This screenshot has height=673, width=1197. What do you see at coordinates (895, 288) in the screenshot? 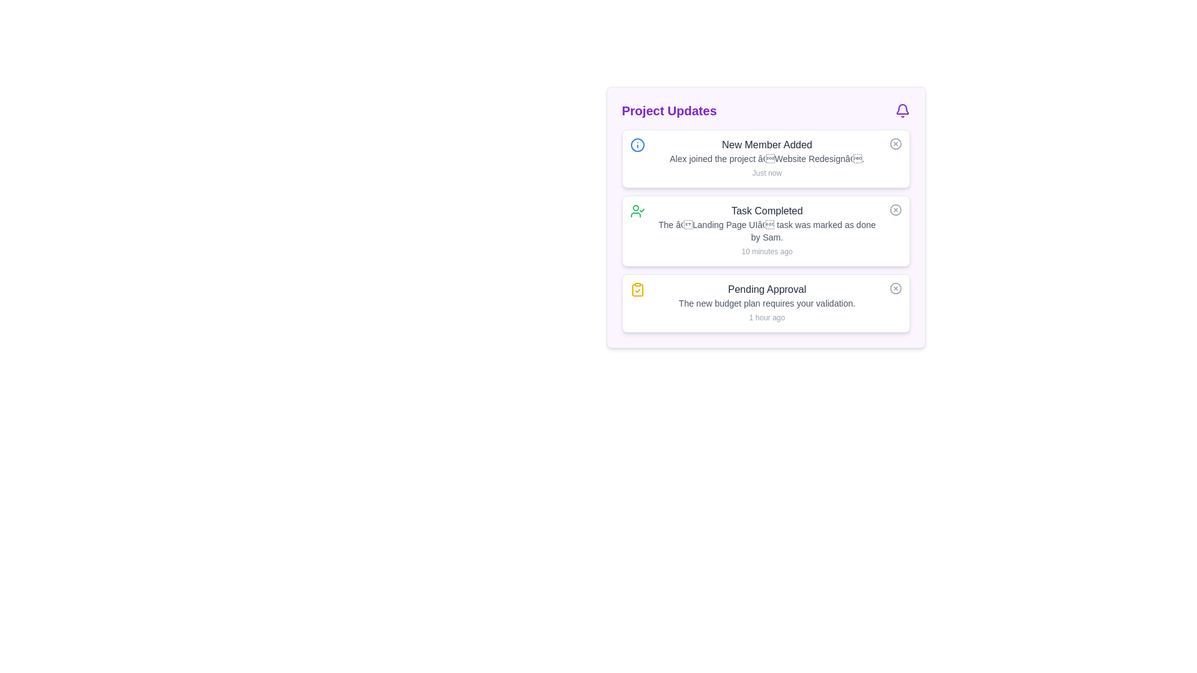
I see `the circular status indicator icon located at the right-hand side of the 'Pending Approval' section in the 'Project Updates' panel for graphical purposes` at bounding box center [895, 288].